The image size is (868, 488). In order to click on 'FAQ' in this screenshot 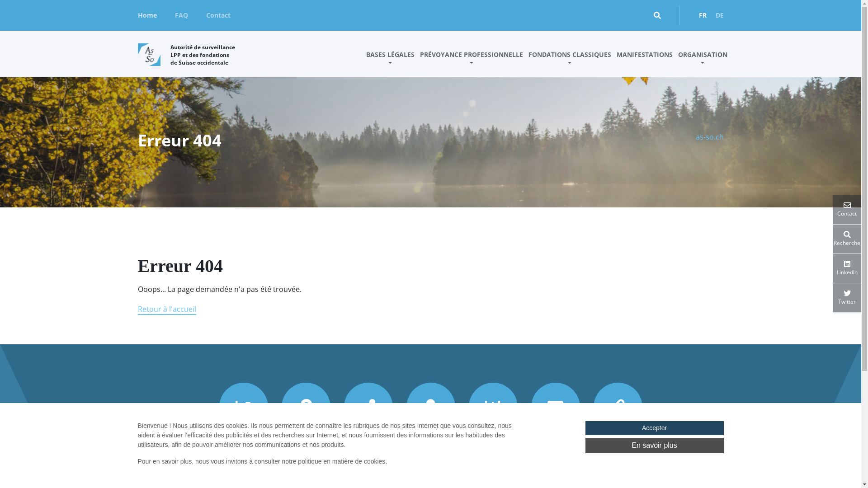, I will do `click(181, 15)`.